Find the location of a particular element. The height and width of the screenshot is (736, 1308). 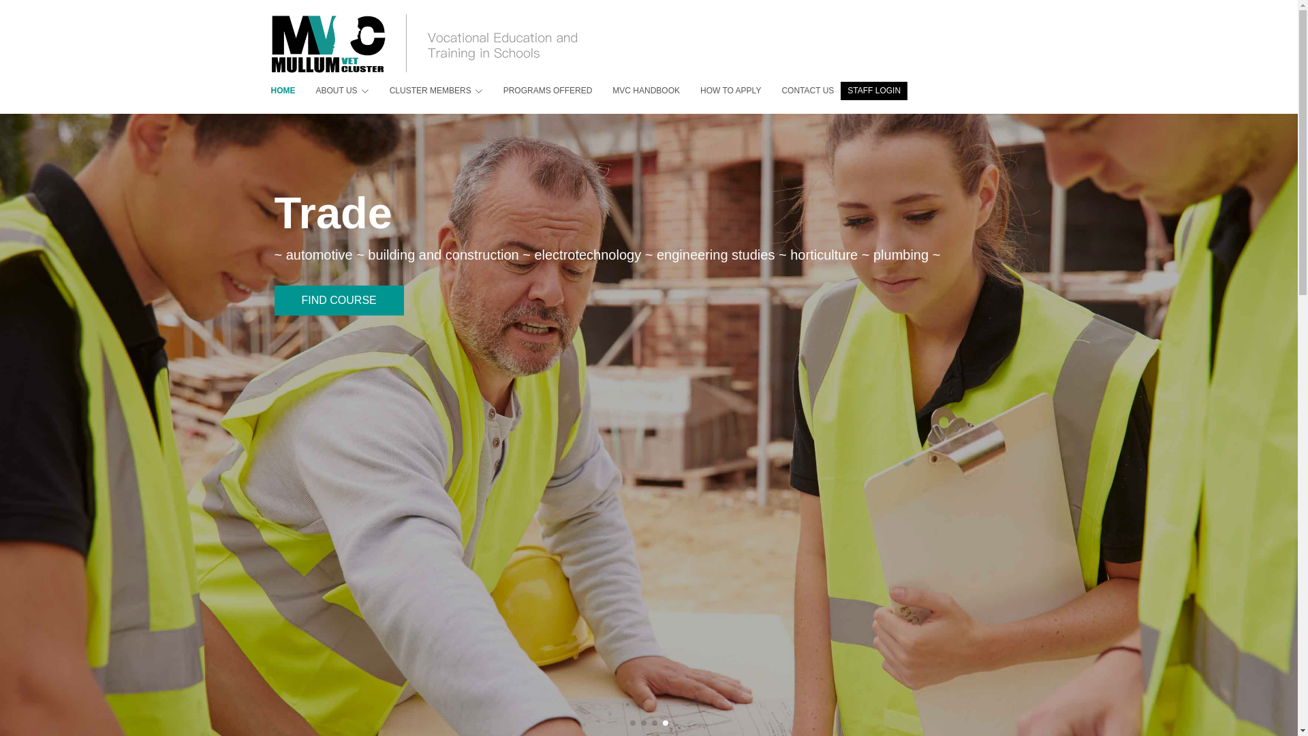

'HOW TO APPLY' is located at coordinates (680, 91).